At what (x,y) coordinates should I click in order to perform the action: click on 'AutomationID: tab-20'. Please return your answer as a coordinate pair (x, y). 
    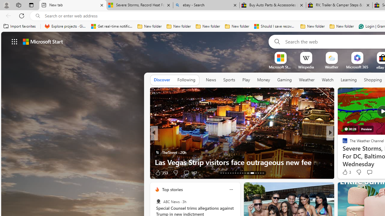
    Looking at the image, I should click on (237, 173).